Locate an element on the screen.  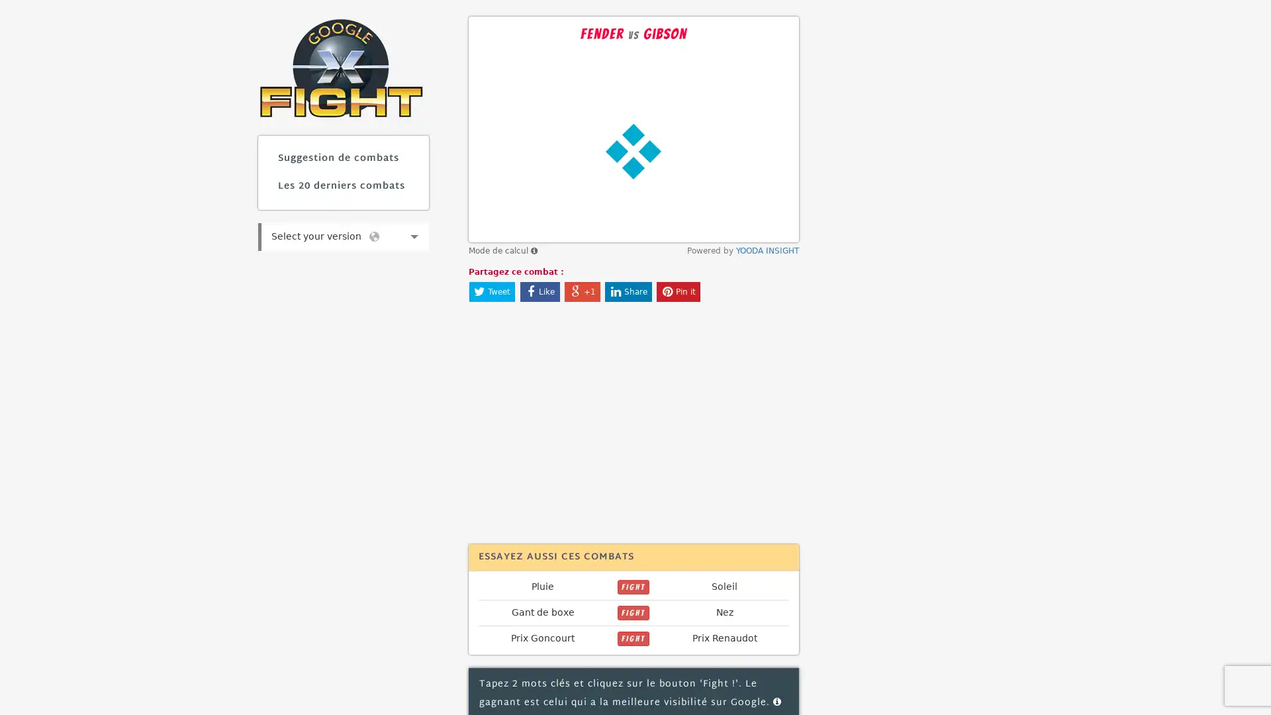
FIGHT is located at coordinates (632, 612).